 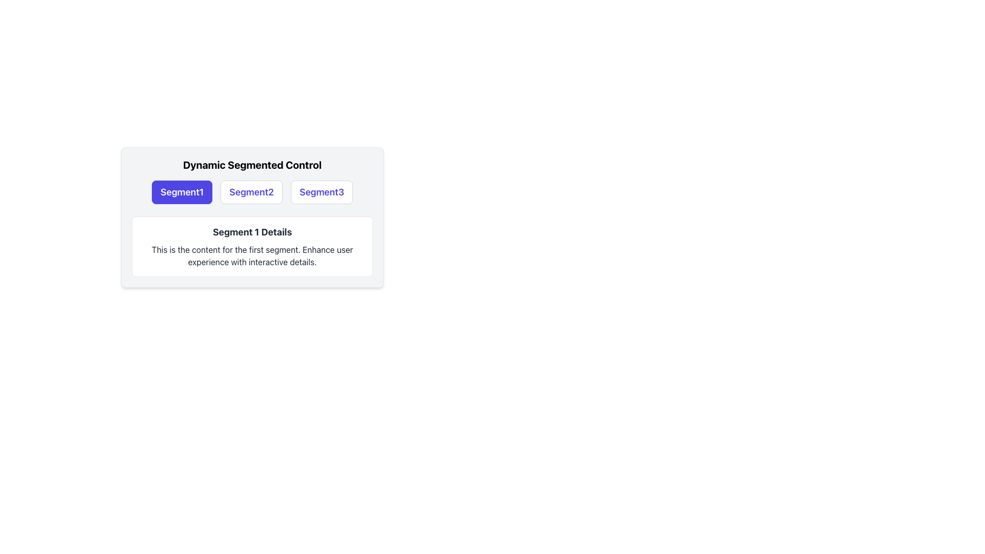 I want to click on the Text Label indicating 'Segment 1', which is positioned above the related paragraph block and centered horizontally, so click(x=252, y=232).